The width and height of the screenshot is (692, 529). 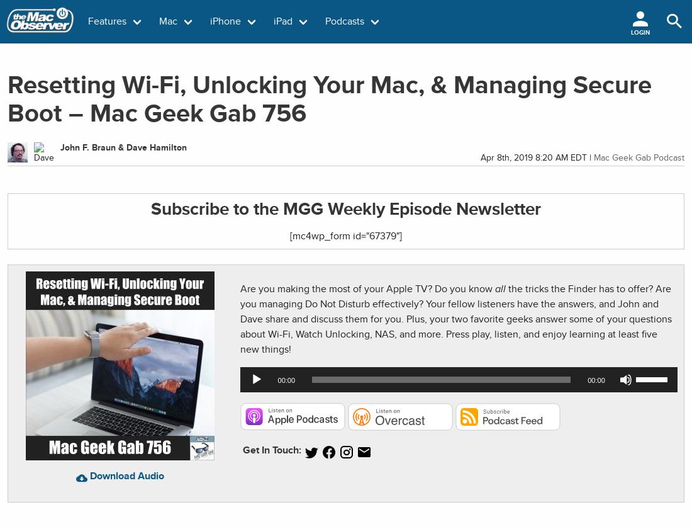 I want to click on 'Subscribe to the MGG Weekly Episode Newsletter', so click(x=346, y=208).